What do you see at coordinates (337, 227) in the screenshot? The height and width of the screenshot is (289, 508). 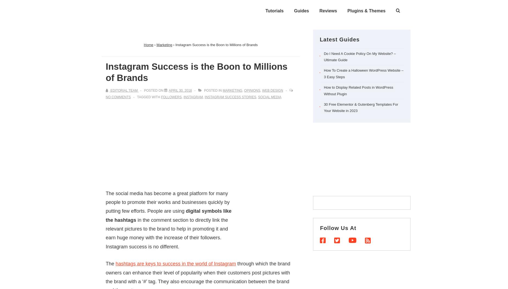 I see `'Follow Us At'` at bounding box center [337, 227].